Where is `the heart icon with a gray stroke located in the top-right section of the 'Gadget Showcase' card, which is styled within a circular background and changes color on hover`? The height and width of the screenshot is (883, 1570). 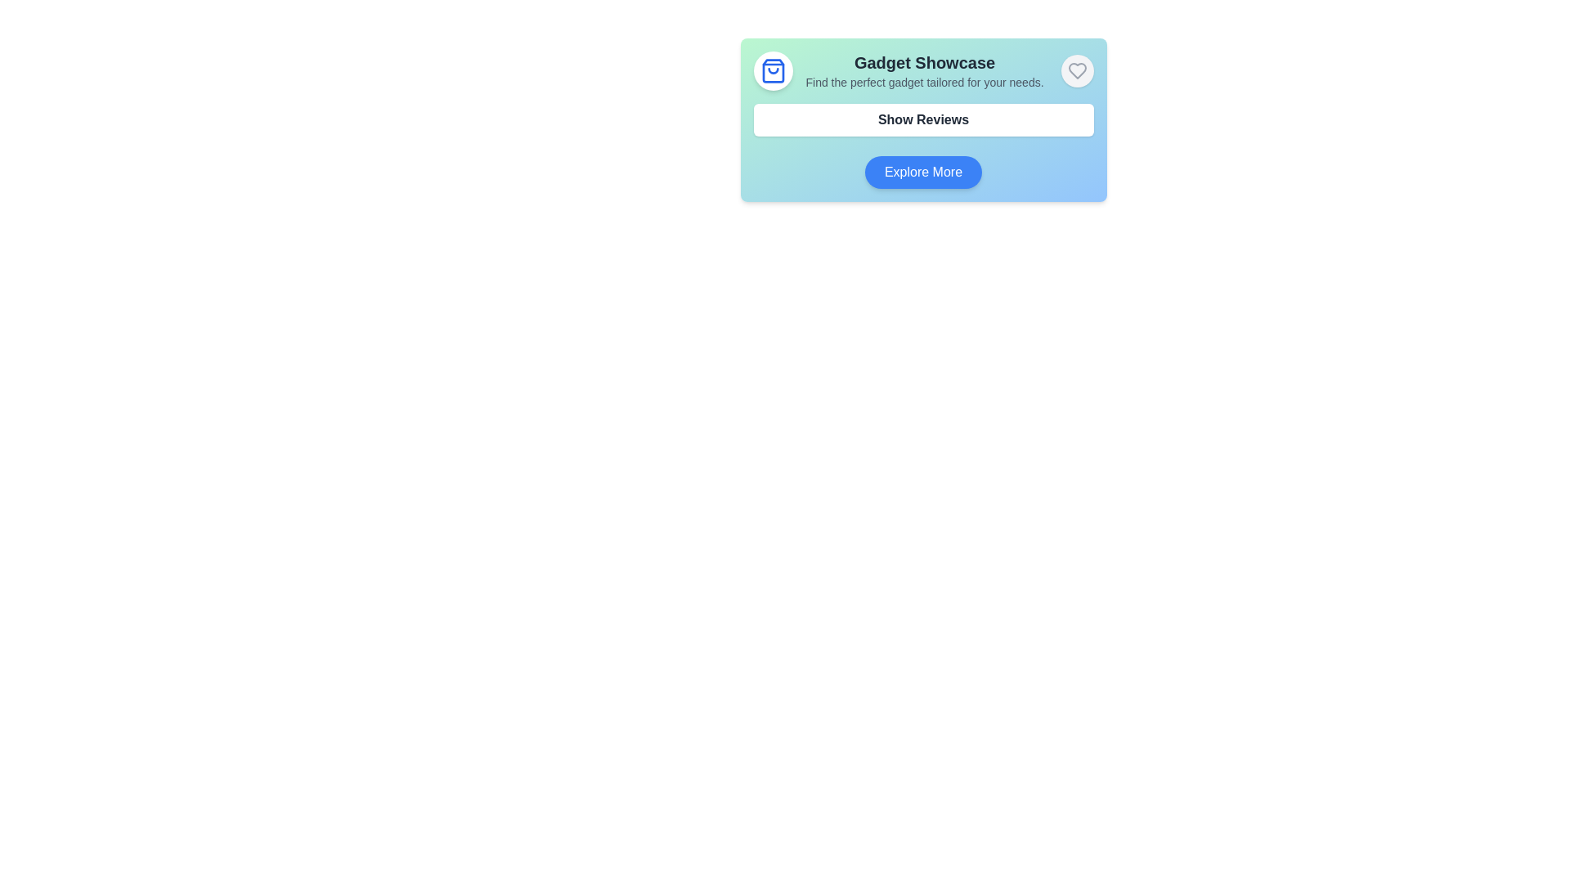
the heart icon with a gray stroke located in the top-right section of the 'Gadget Showcase' card, which is styled within a circular background and changes color on hover is located at coordinates (1077, 70).